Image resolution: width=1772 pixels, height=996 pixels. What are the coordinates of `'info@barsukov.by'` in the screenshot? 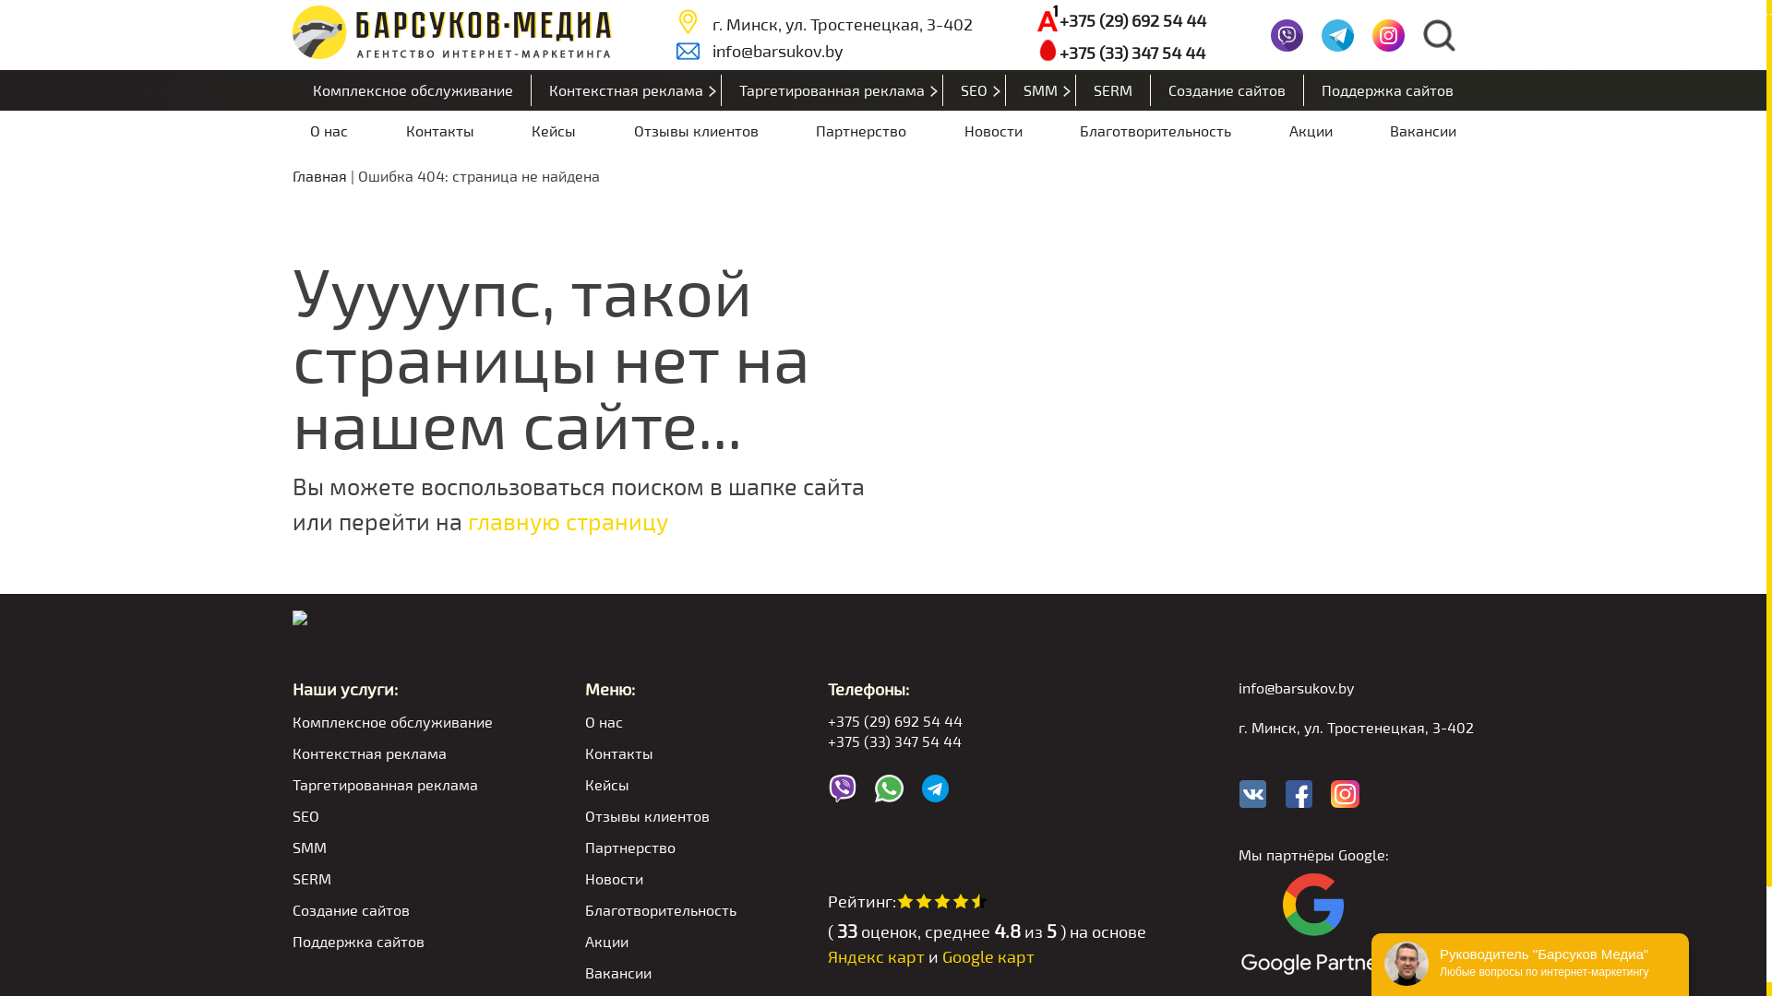 It's located at (823, 49).